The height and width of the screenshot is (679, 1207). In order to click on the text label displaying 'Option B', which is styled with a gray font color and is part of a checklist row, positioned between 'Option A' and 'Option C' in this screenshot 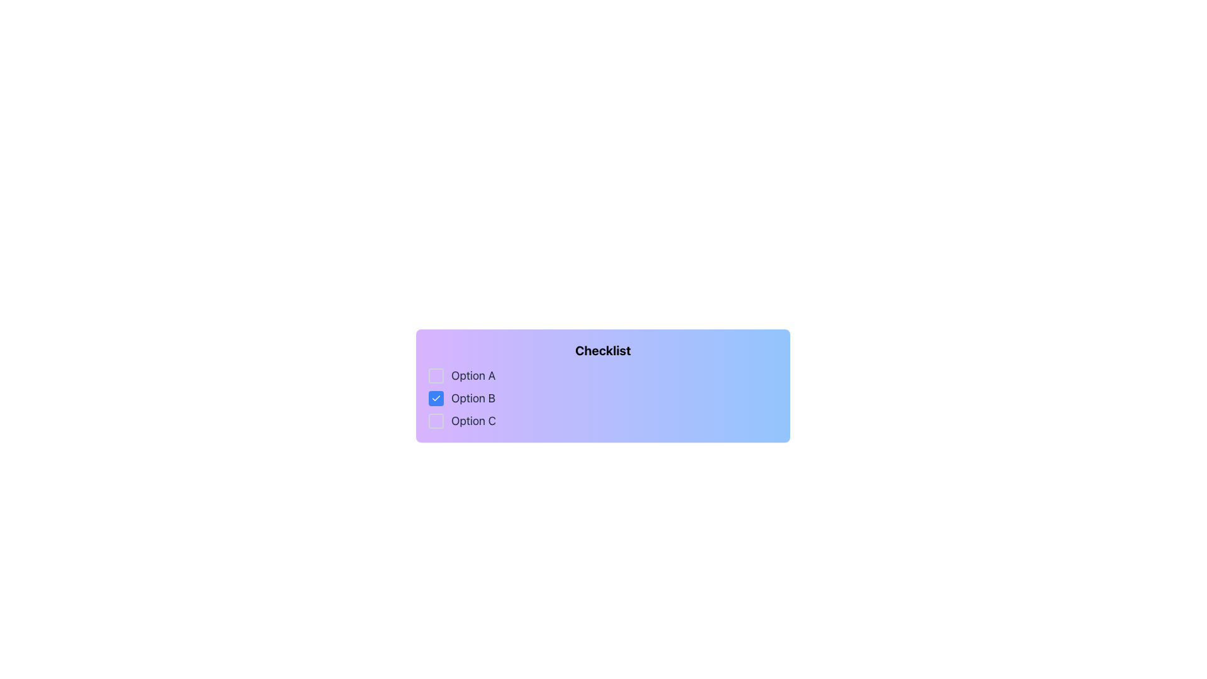, I will do `click(473, 398)`.